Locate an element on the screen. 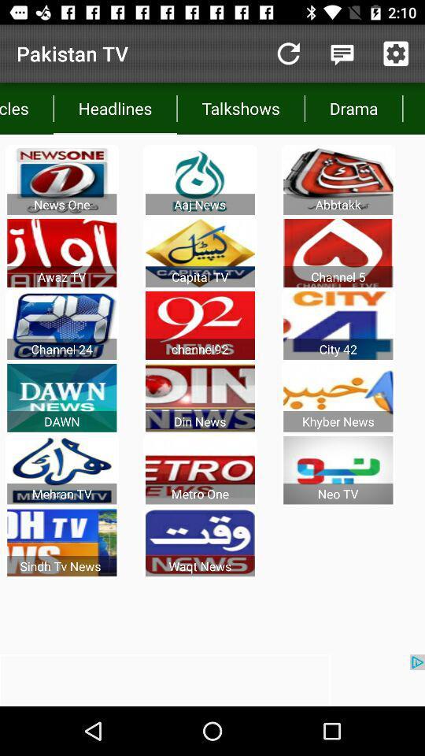 Image resolution: width=425 pixels, height=756 pixels. the icon above the drama is located at coordinates (342, 54).